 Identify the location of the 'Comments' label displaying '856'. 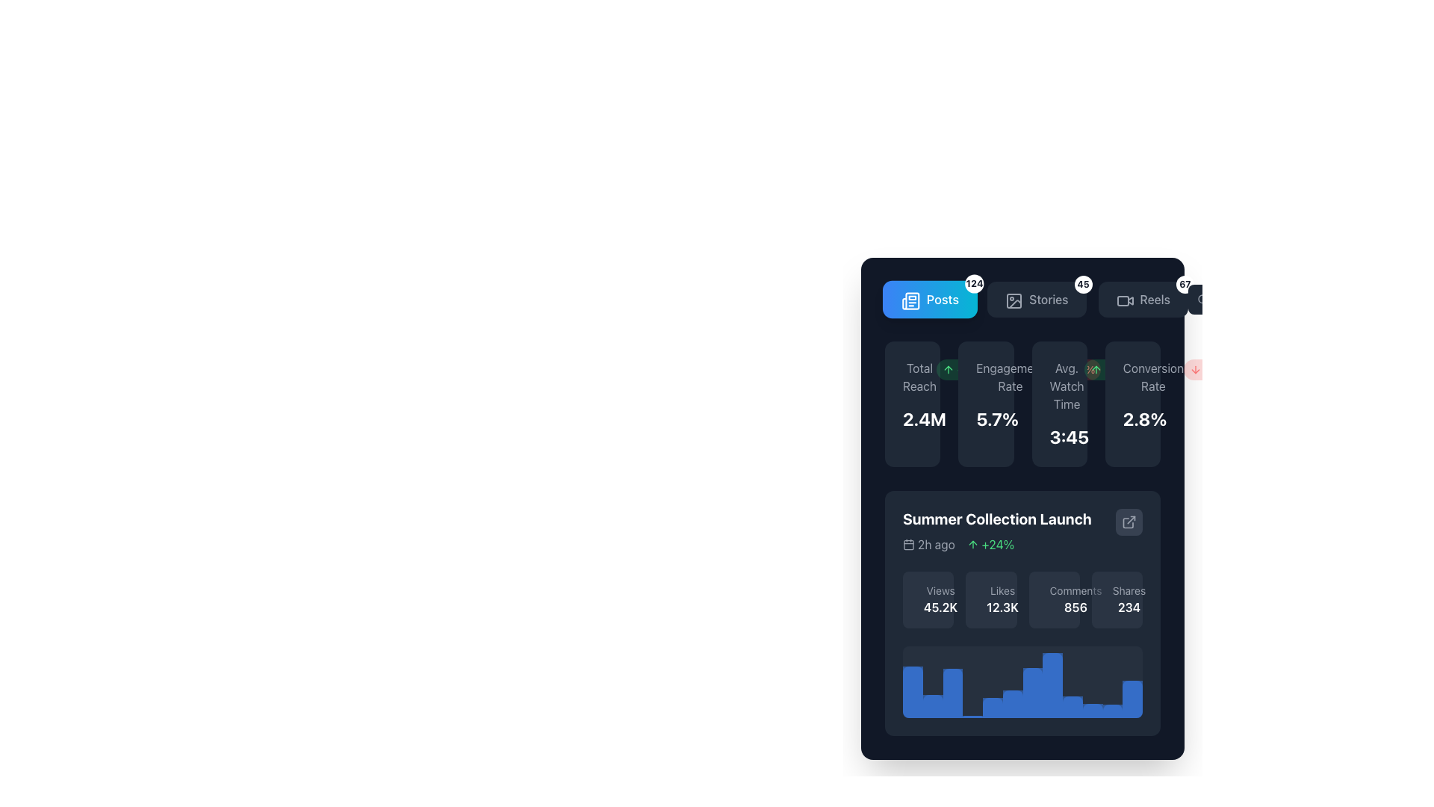
(1075, 599).